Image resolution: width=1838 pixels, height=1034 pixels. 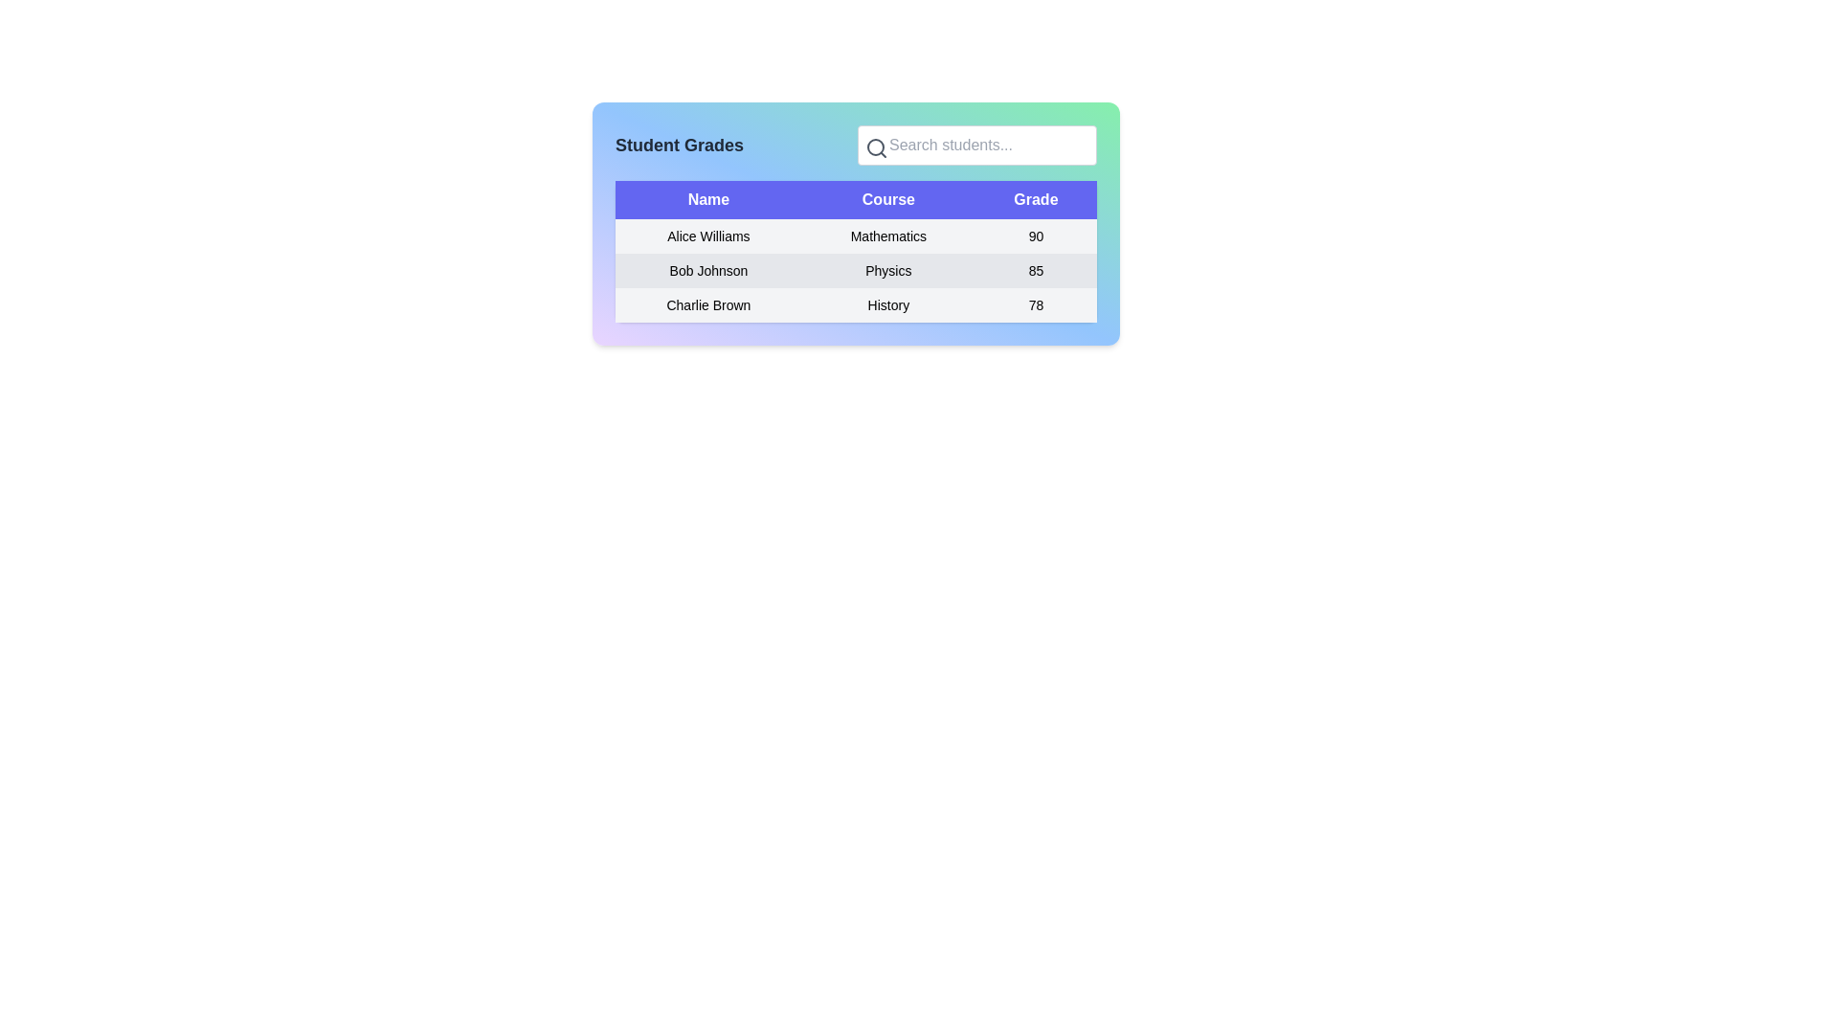 What do you see at coordinates (887, 270) in the screenshot?
I see `the text label displaying 'Physics' located in the central column of the table under the 'Course' column associated with 'Bob Johnson'` at bounding box center [887, 270].